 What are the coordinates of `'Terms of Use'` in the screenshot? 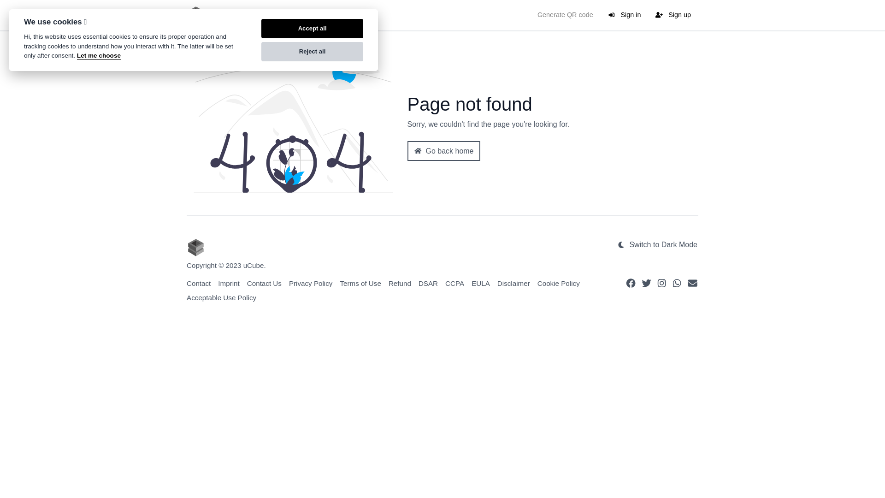 It's located at (360, 283).